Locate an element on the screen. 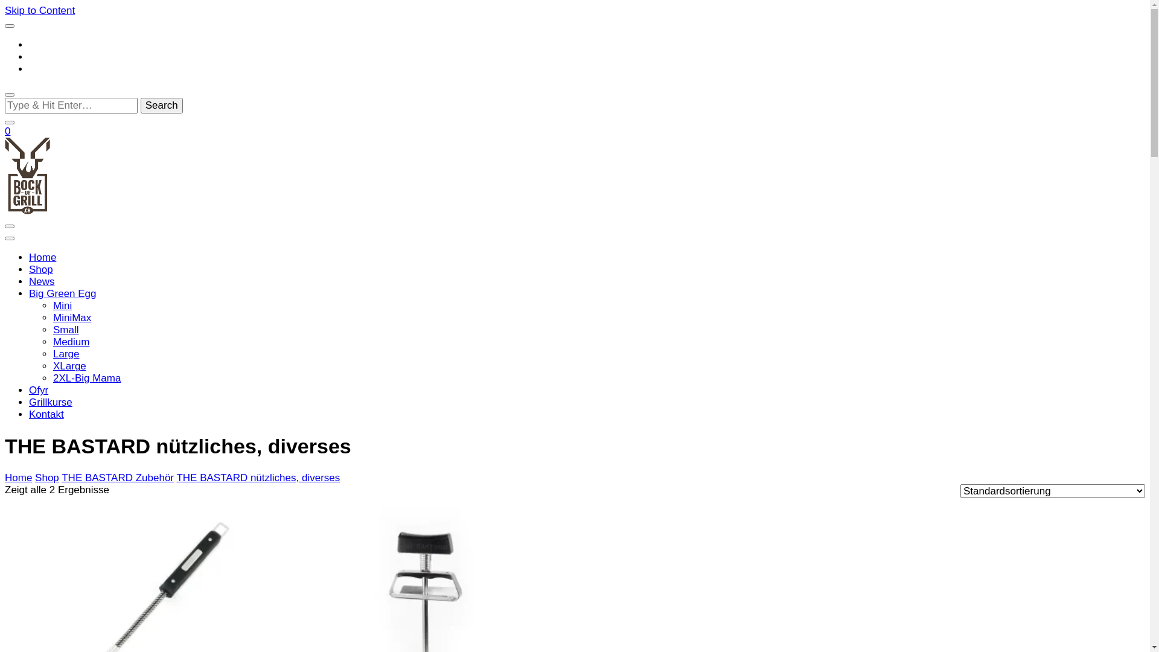 The width and height of the screenshot is (1159, 652). 'Kontakt' is located at coordinates (46, 414).